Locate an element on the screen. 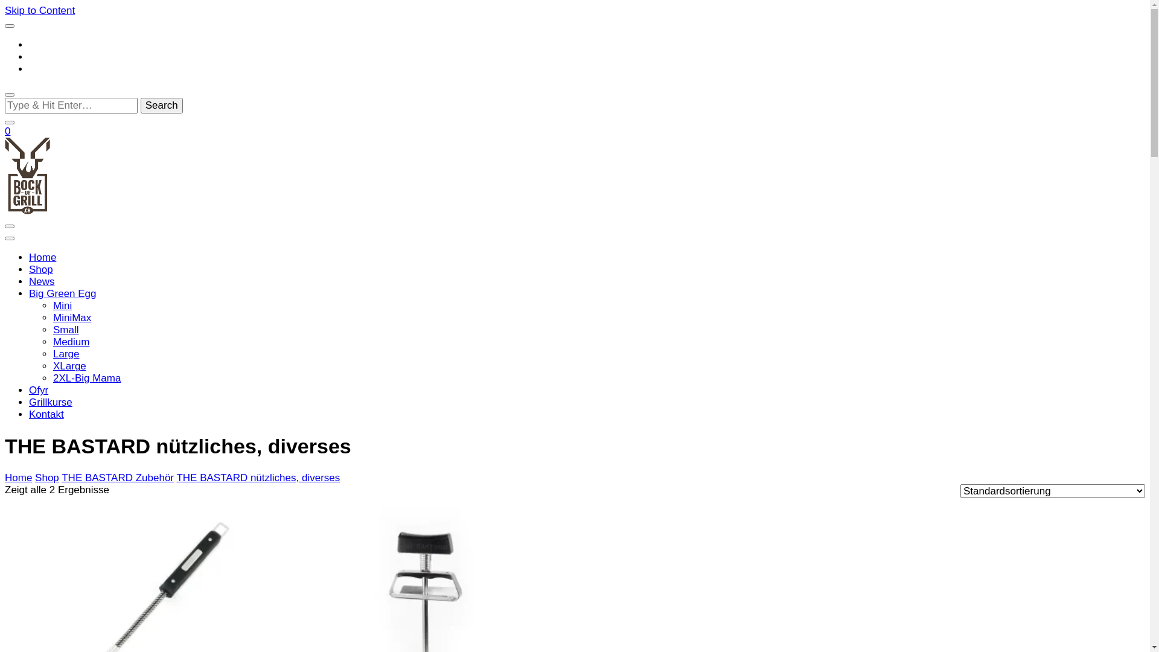 The width and height of the screenshot is (1159, 652). 'Kontakt' is located at coordinates (46, 414).